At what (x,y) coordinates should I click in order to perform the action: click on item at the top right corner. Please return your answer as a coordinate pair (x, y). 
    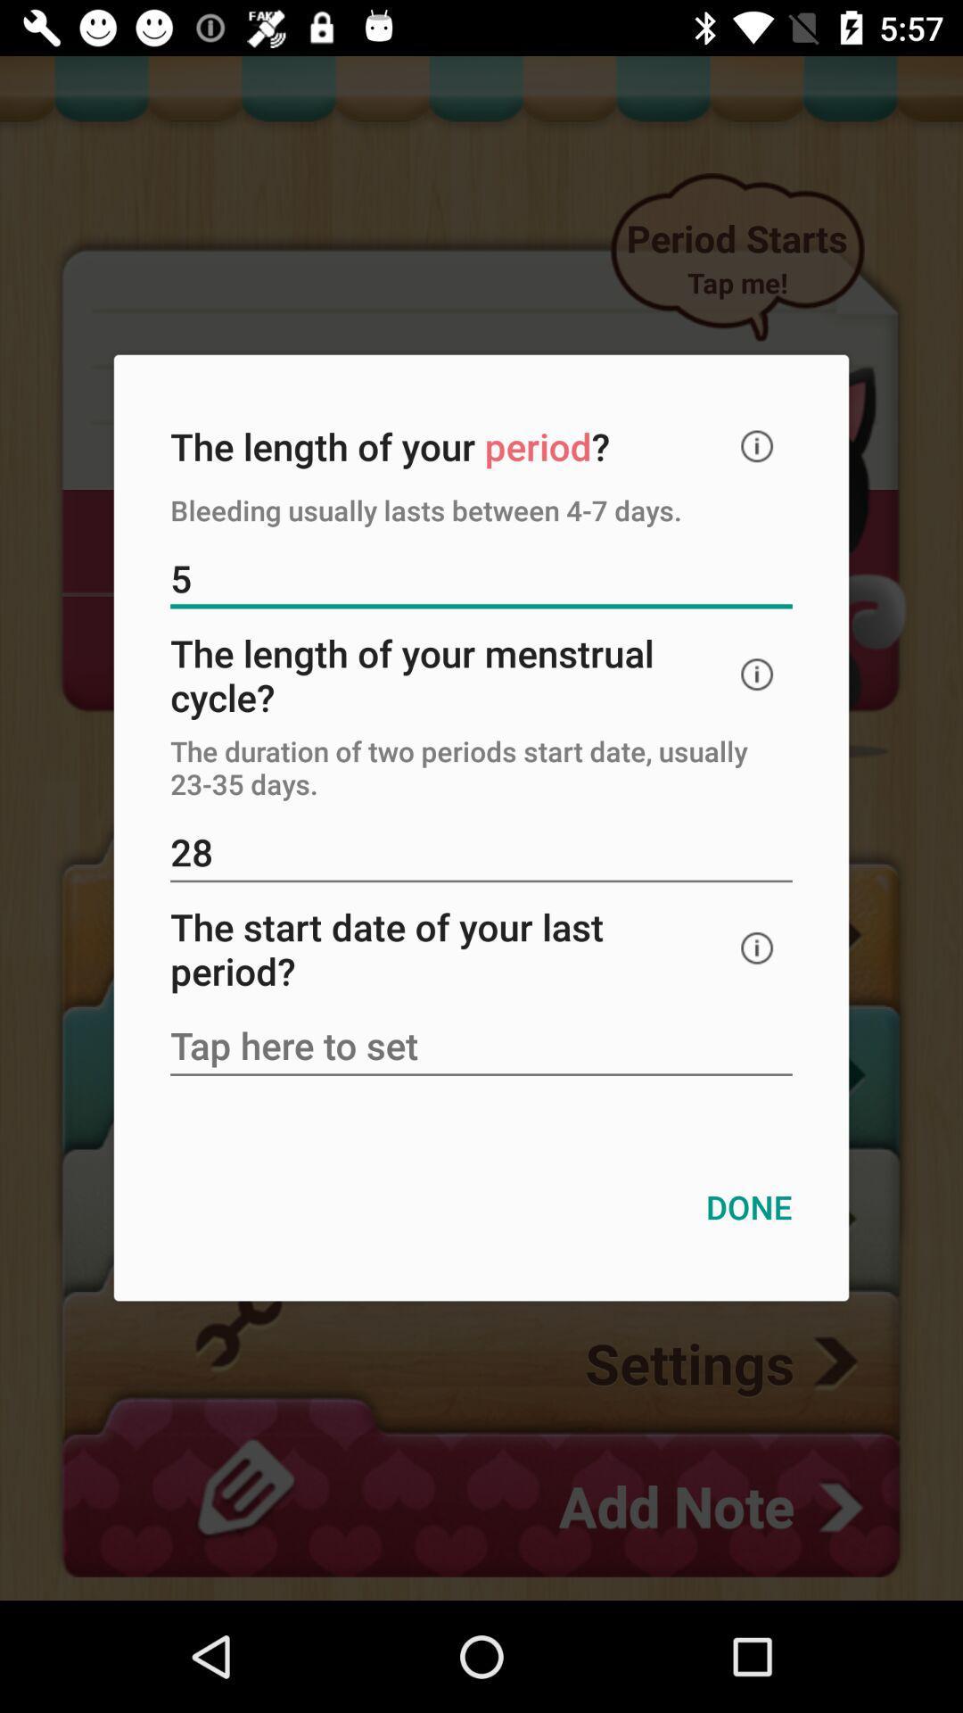
    Looking at the image, I should click on (757, 446).